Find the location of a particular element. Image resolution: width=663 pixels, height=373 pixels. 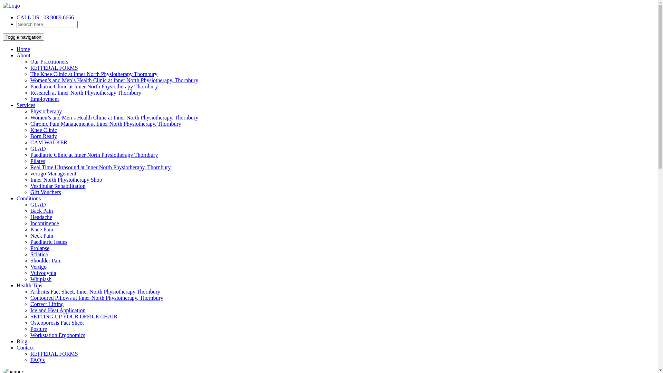

'Ice and Heat Application' is located at coordinates (58, 310).